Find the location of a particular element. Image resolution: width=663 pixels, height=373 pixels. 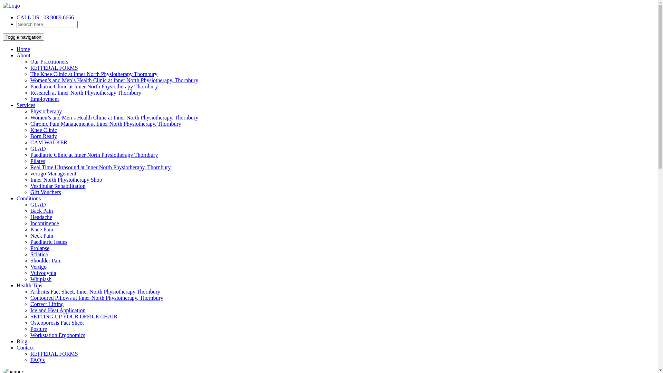

'Ice and Heat Application' is located at coordinates (58, 310).